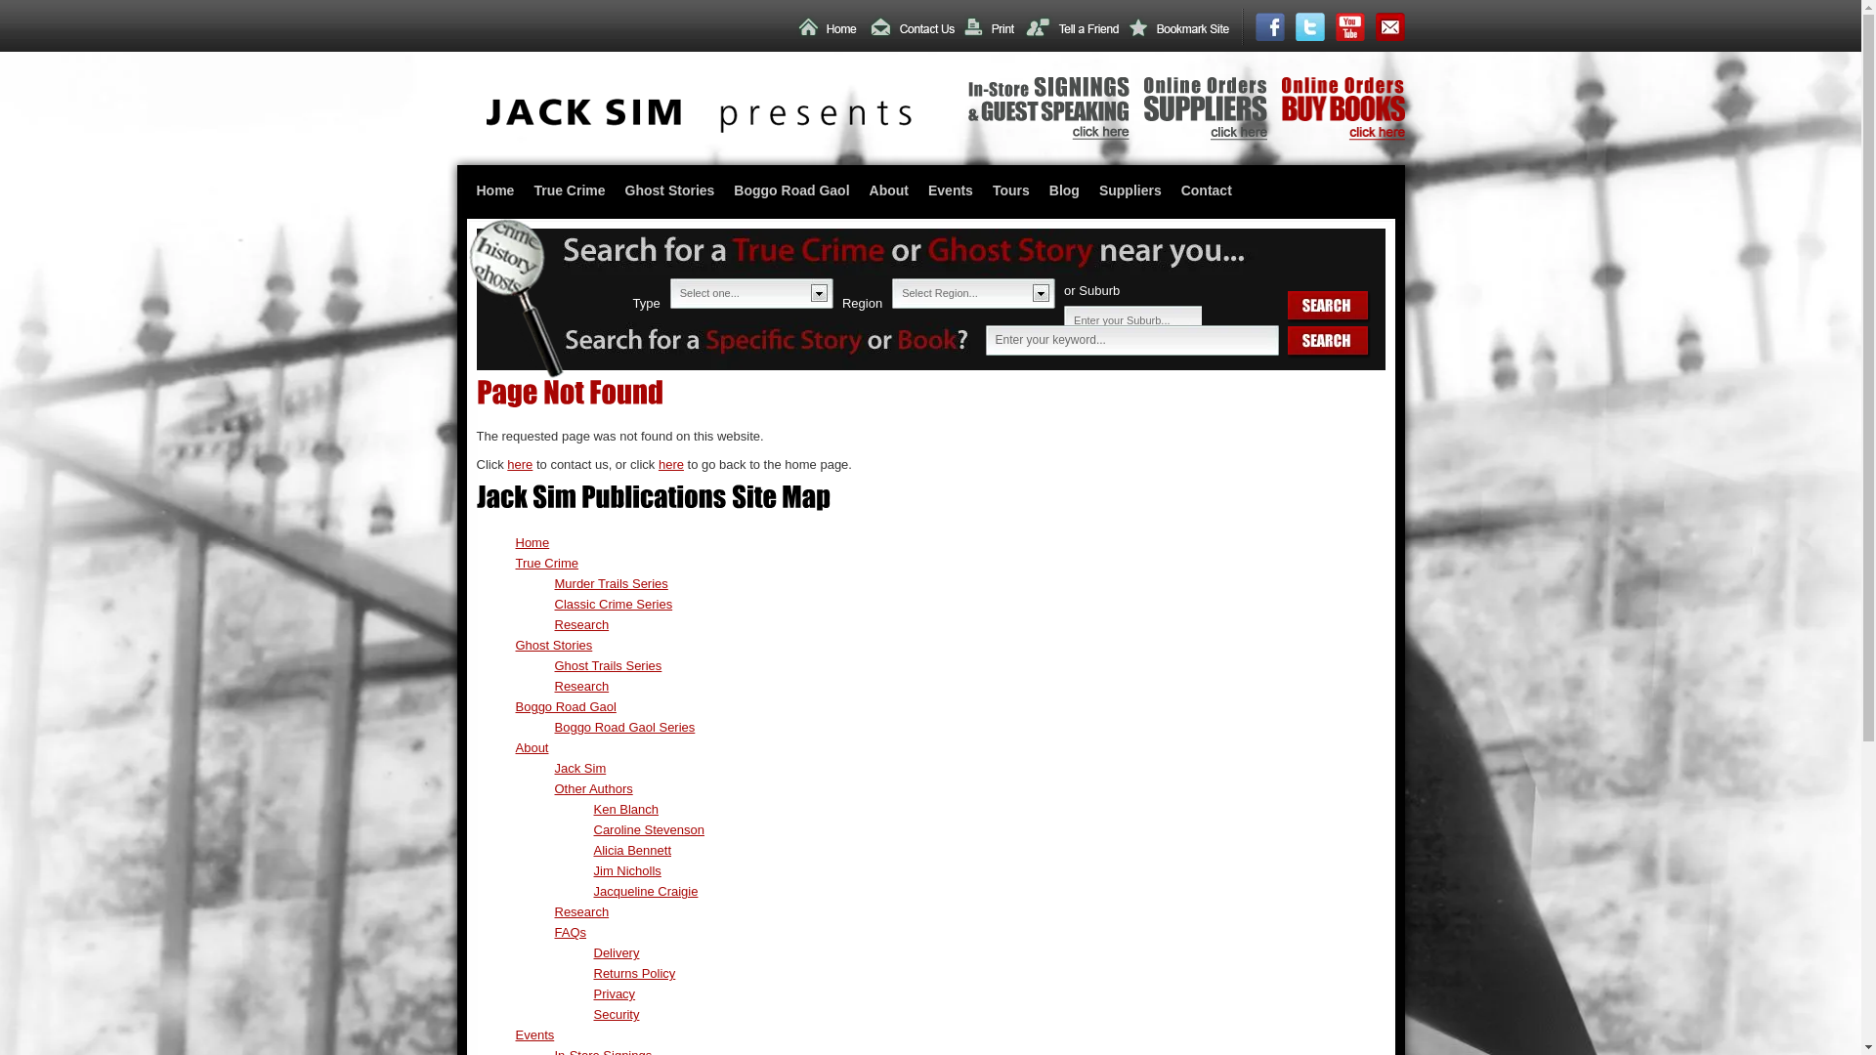  Describe the element at coordinates (1011, 191) in the screenshot. I see `'Tours'` at that location.